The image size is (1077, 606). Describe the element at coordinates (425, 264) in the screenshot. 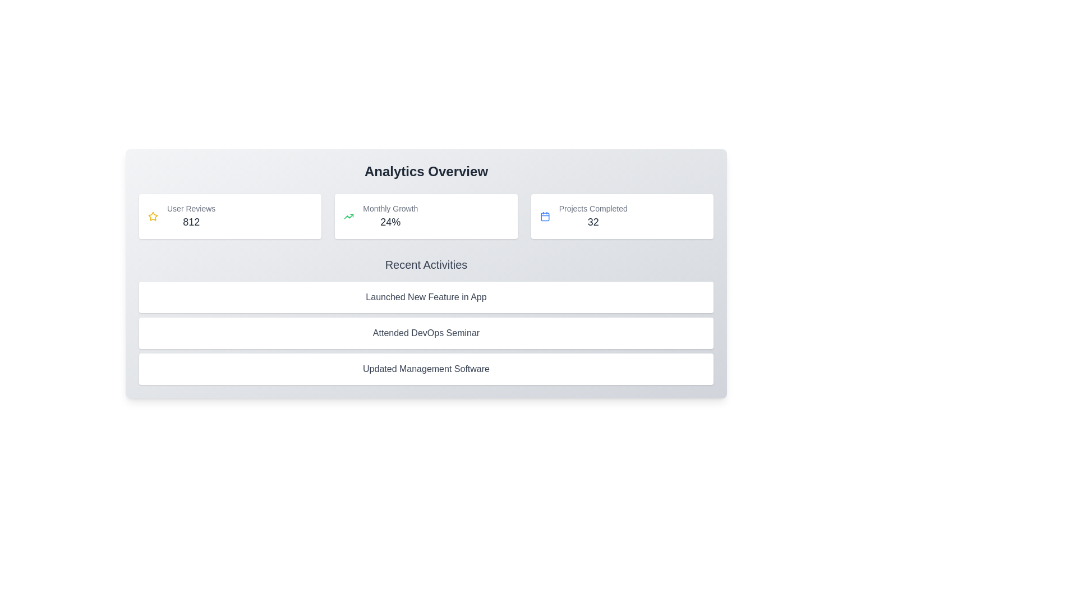

I see `the 'Recent Activities' text header, which is a large dark gray label that separates the main section header from the list of recent activities` at that location.